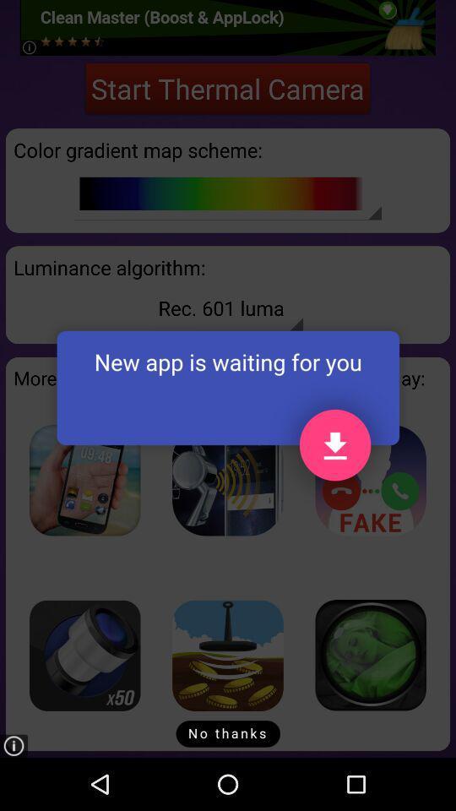 This screenshot has height=811, width=456. Describe the element at coordinates (227, 26) in the screenshot. I see `the item above start thermal camera button` at that location.